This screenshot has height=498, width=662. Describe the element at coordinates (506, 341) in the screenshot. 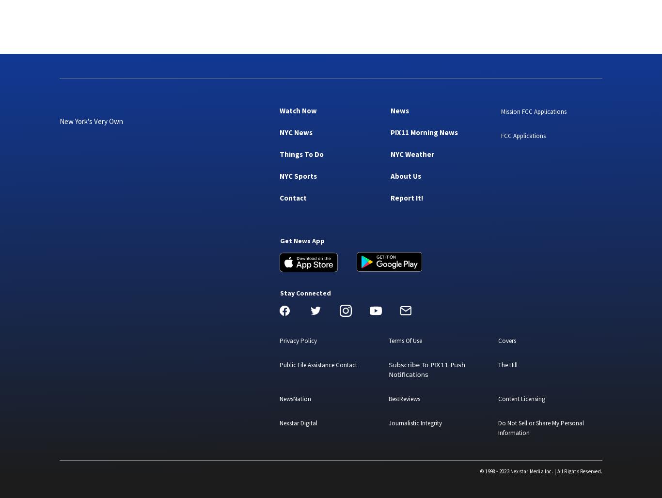

I see `'Covers'` at that location.